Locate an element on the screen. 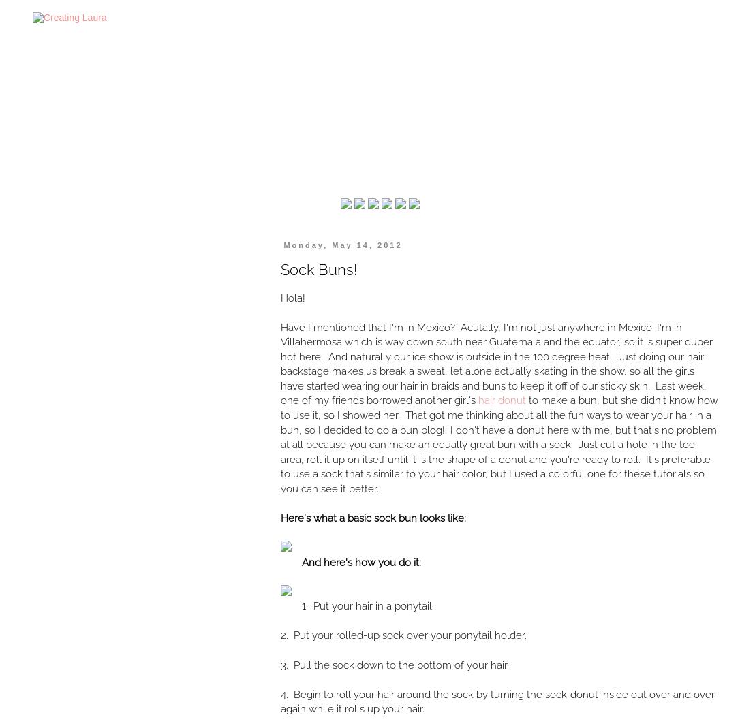 The height and width of the screenshot is (724, 755). 'Monday, May 14, 2012' is located at coordinates (283, 245).